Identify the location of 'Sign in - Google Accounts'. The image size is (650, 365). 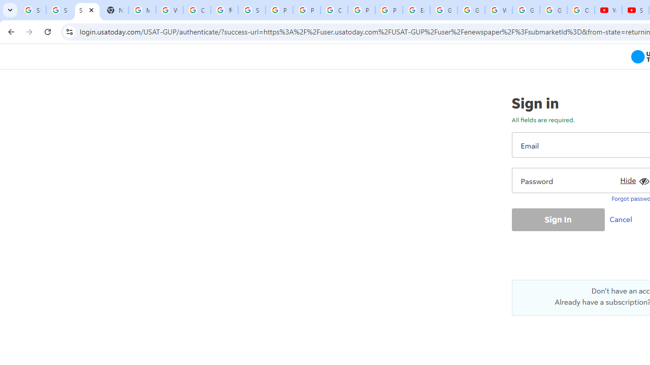
(59, 10).